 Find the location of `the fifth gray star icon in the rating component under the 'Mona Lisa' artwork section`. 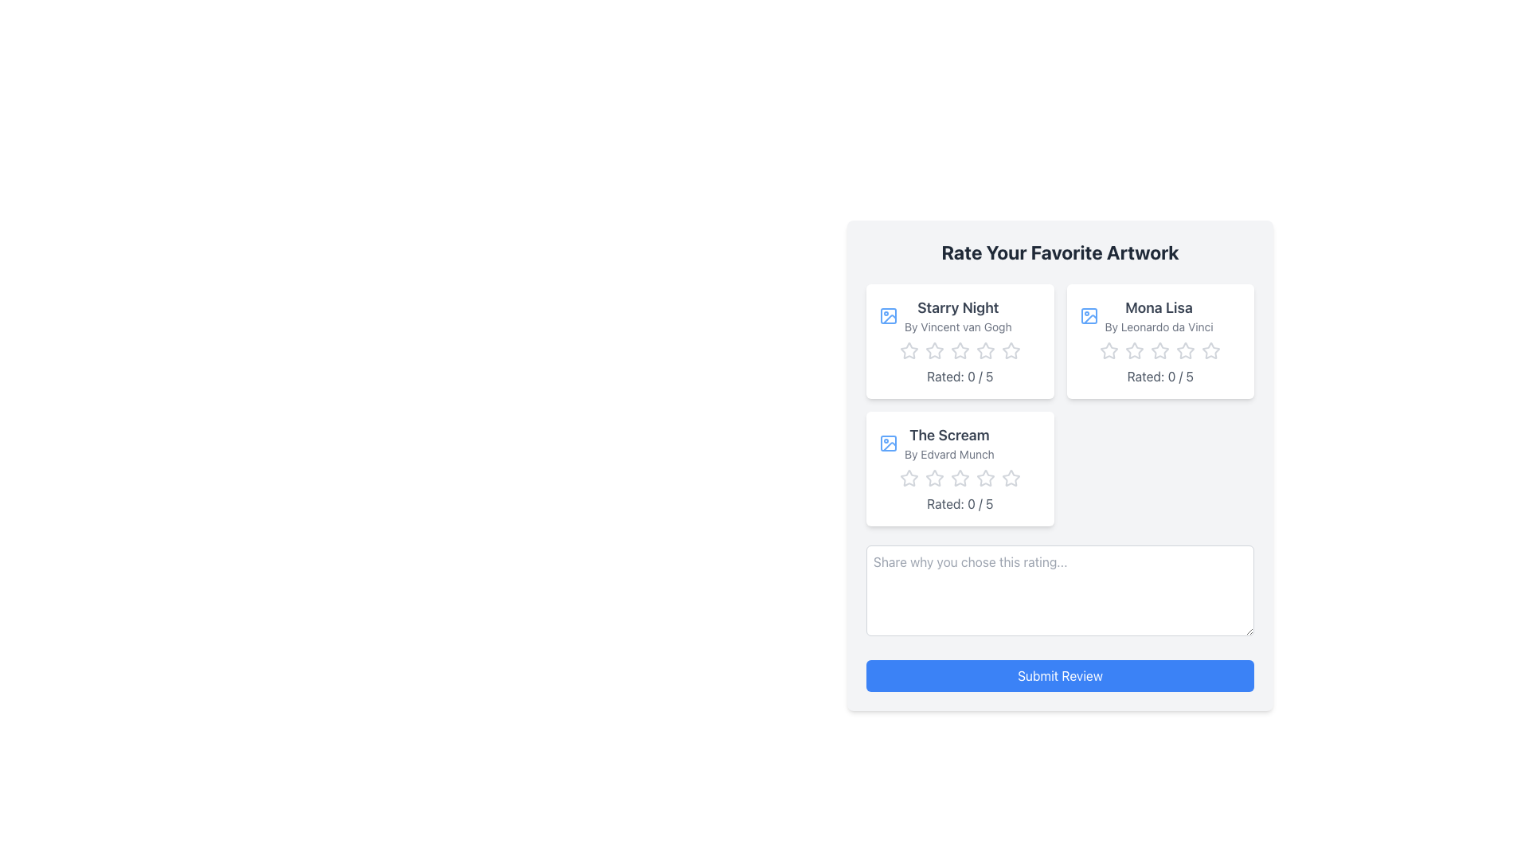

the fifth gray star icon in the rating component under the 'Mona Lisa' artwork section is located at coordinates (1186, 350).